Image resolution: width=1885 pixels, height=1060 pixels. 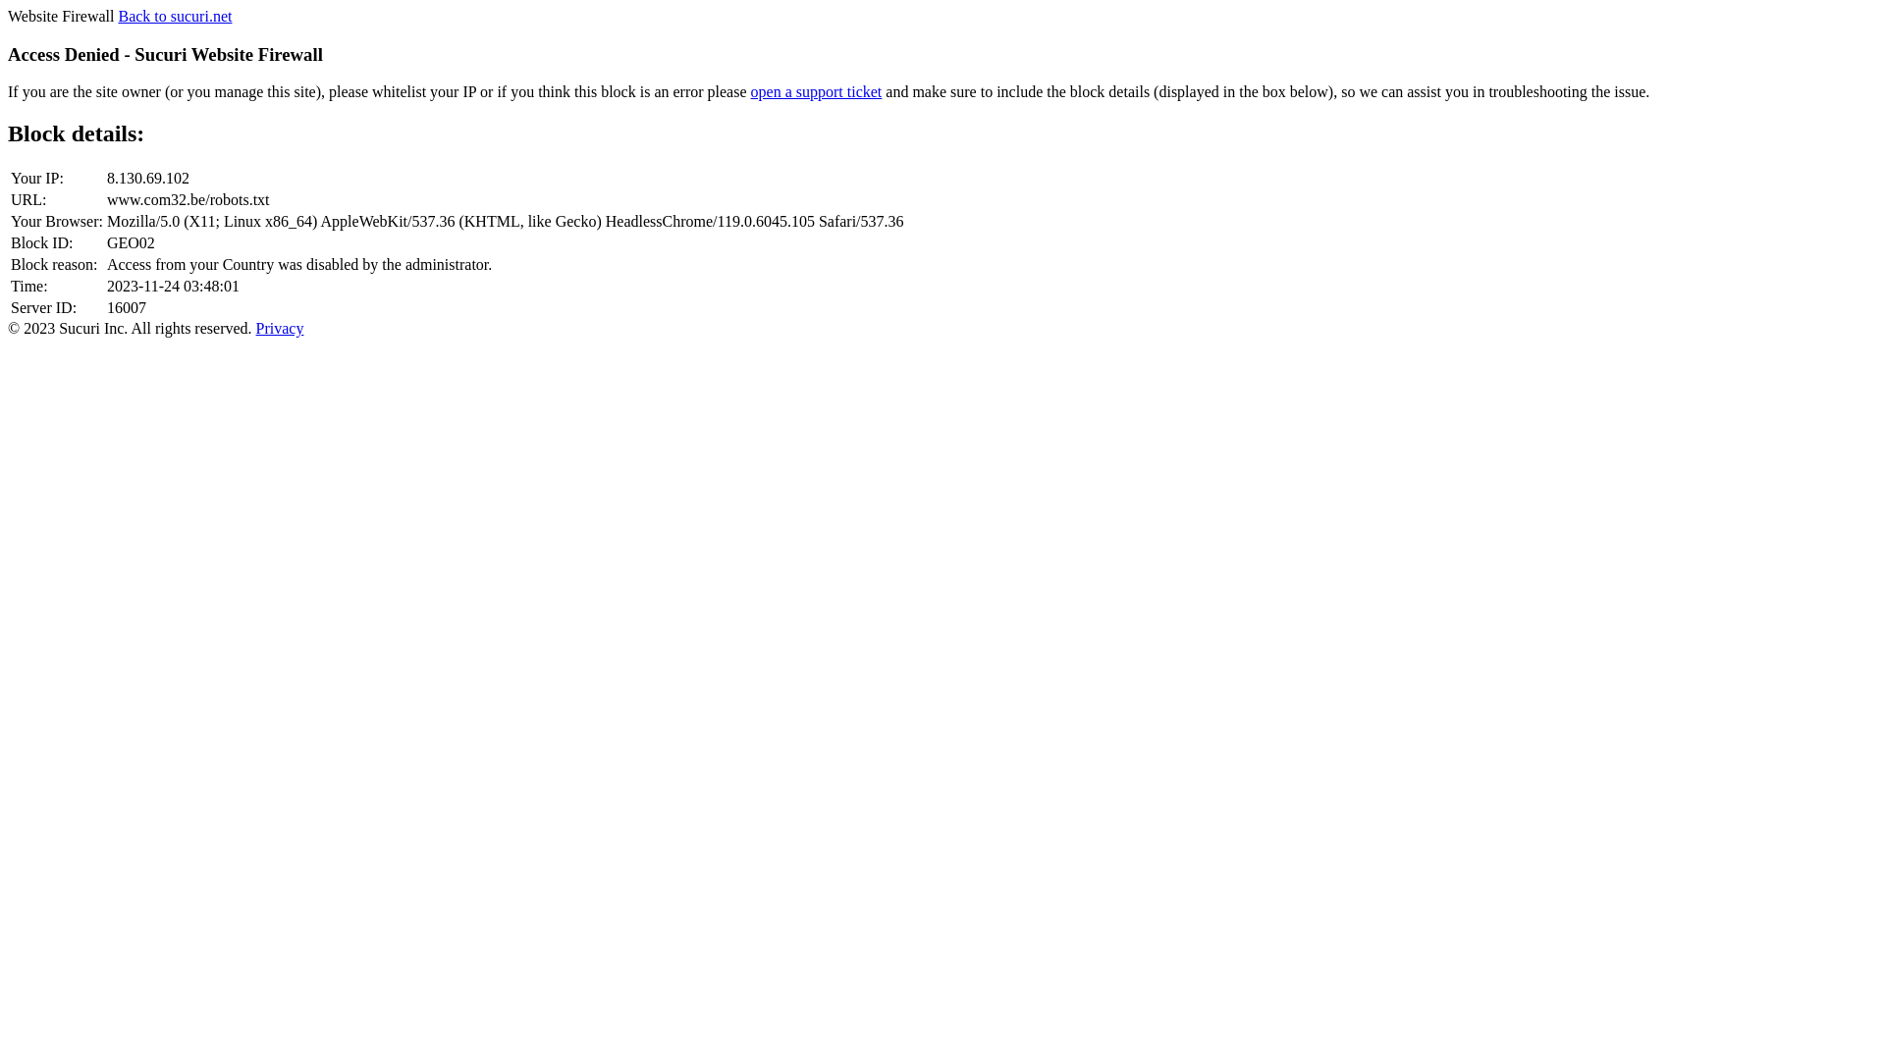 I want to click on 'Back to sucuri.net', so click(x=174, y=16).